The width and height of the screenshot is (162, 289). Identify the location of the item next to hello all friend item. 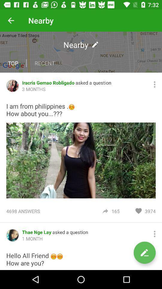
(144, 253).